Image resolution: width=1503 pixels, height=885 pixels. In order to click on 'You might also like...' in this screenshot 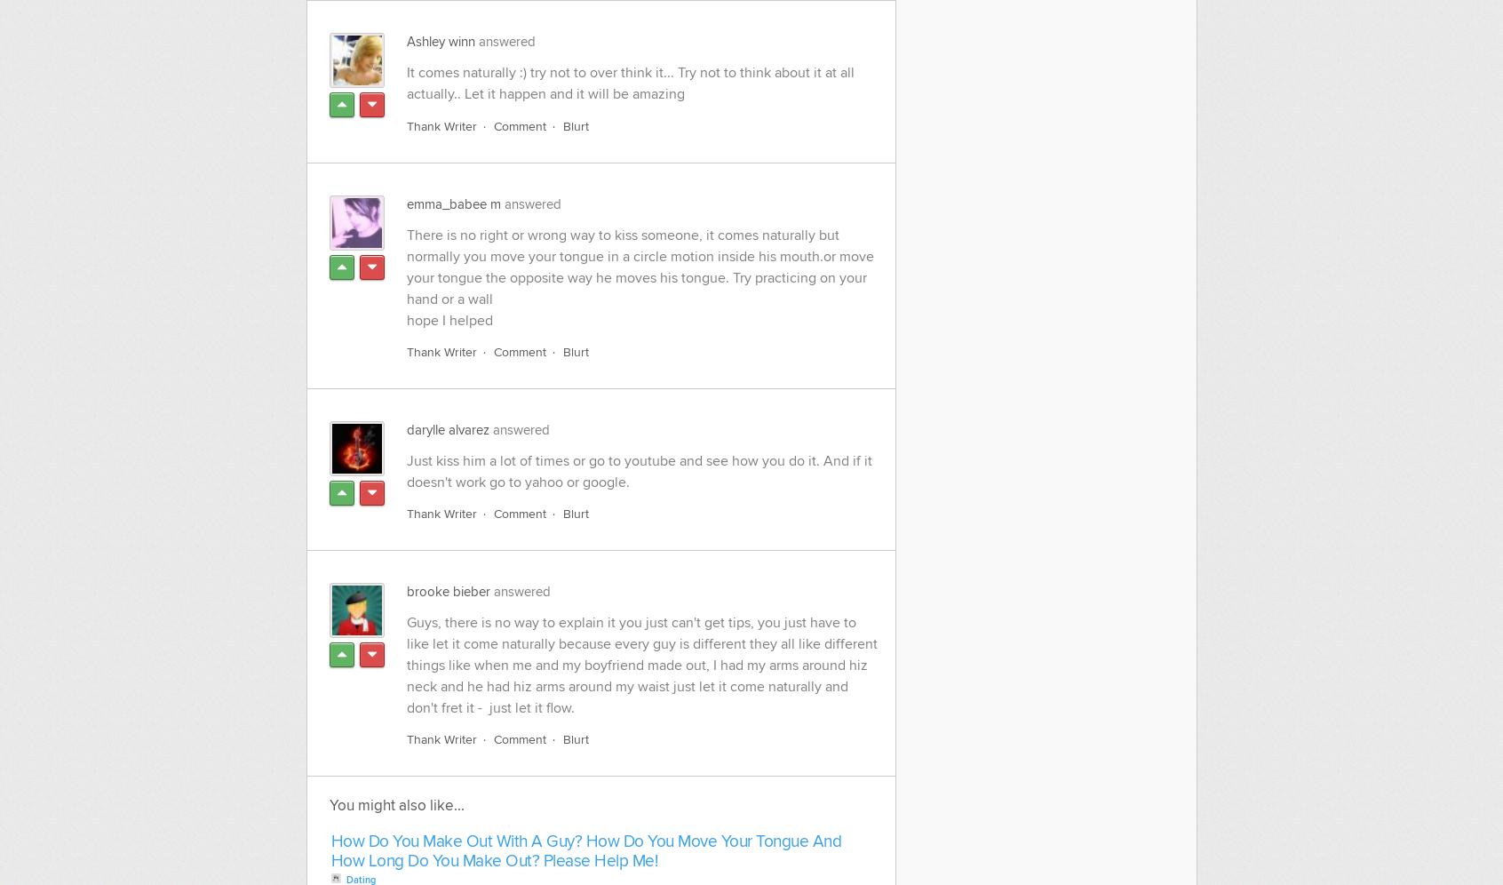, I will do `click(395, 803)`.